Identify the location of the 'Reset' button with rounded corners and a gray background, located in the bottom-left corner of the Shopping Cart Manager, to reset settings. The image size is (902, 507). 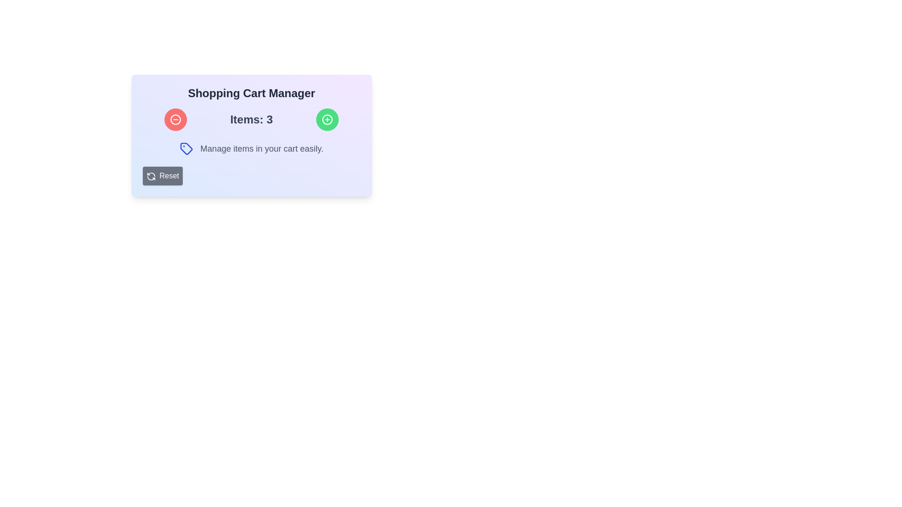
(163, 176).